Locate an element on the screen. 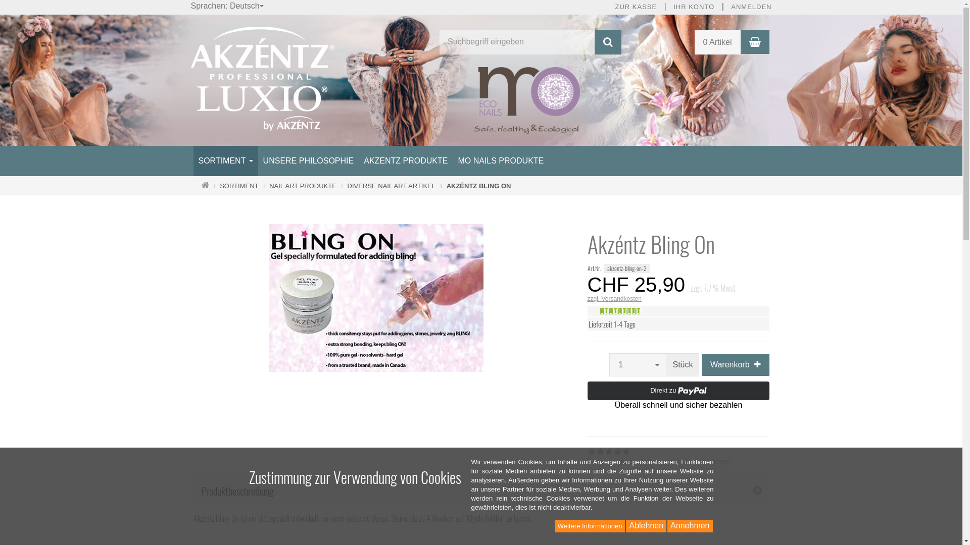 The width and height of the screenshot is (970, 545). ' ' is located at coordinates (588, 215).